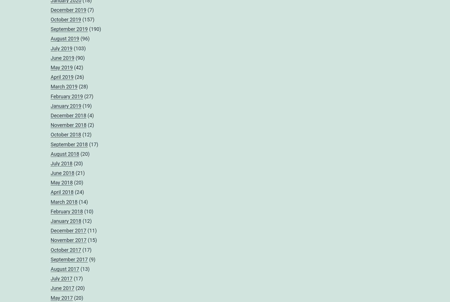 This screenshot has height=302, width=450. I want to click on 'November 2017', so click(68, 240).